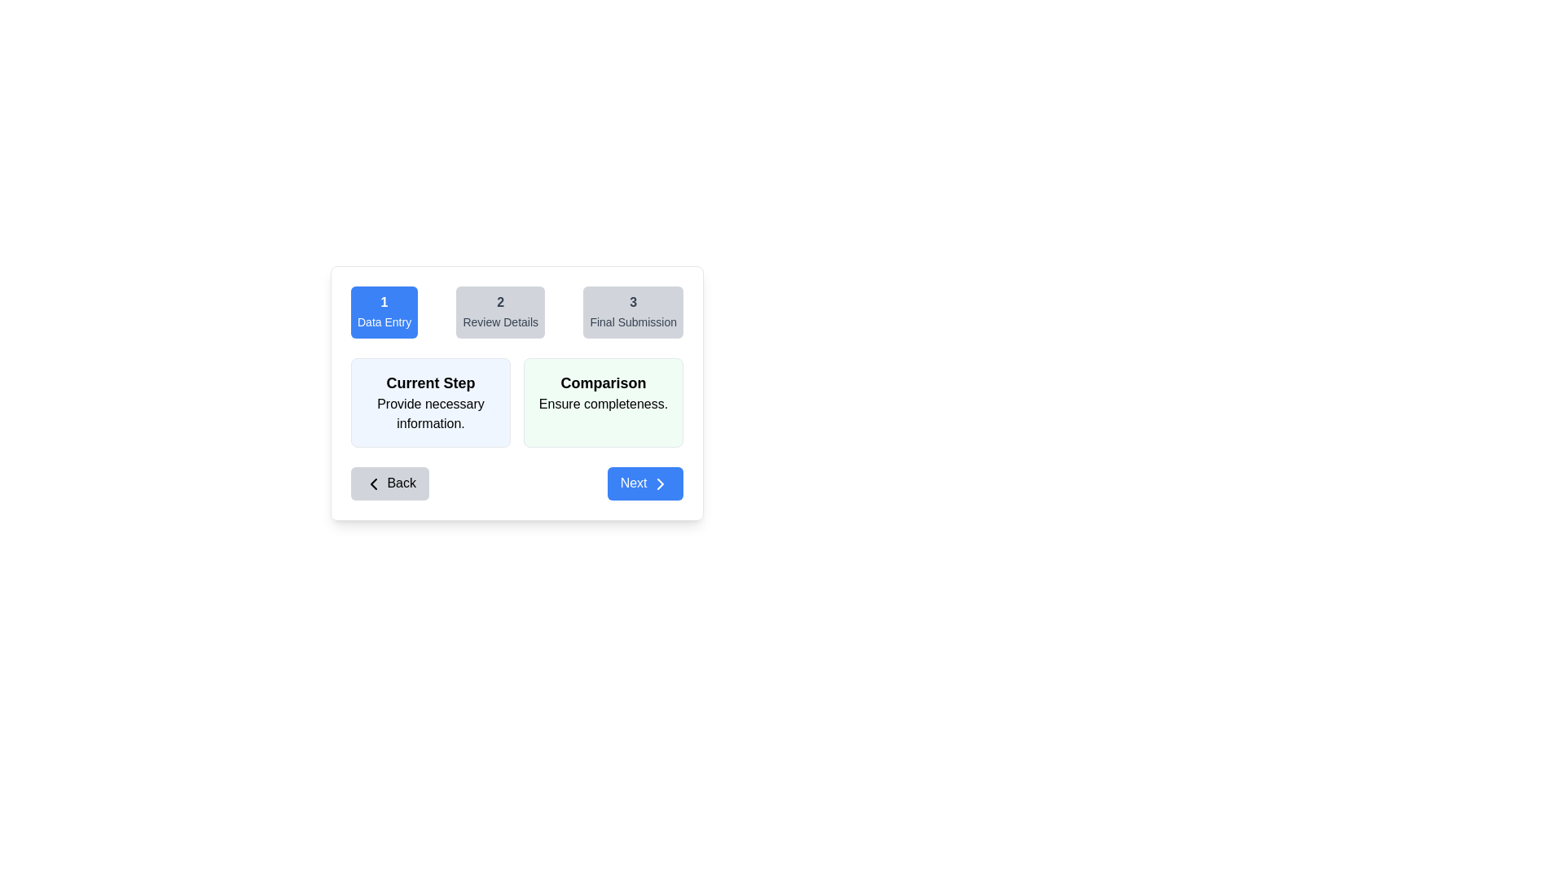  I want to click on the Step indicator labeled '3 Final Submission', which is a rectangular button with a light gray background located in the top-right corner of a group of three buttons, so click(632, 313).